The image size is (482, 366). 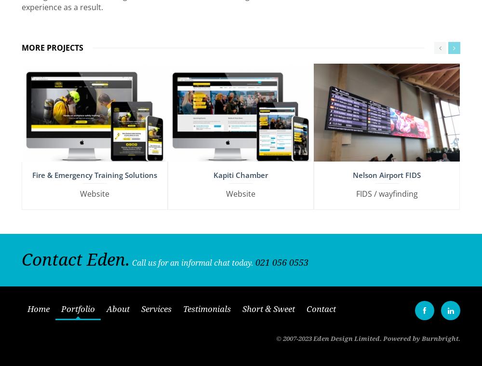 I want to click on 'Call us for an informal chat today.', so click(x=193, y=259).